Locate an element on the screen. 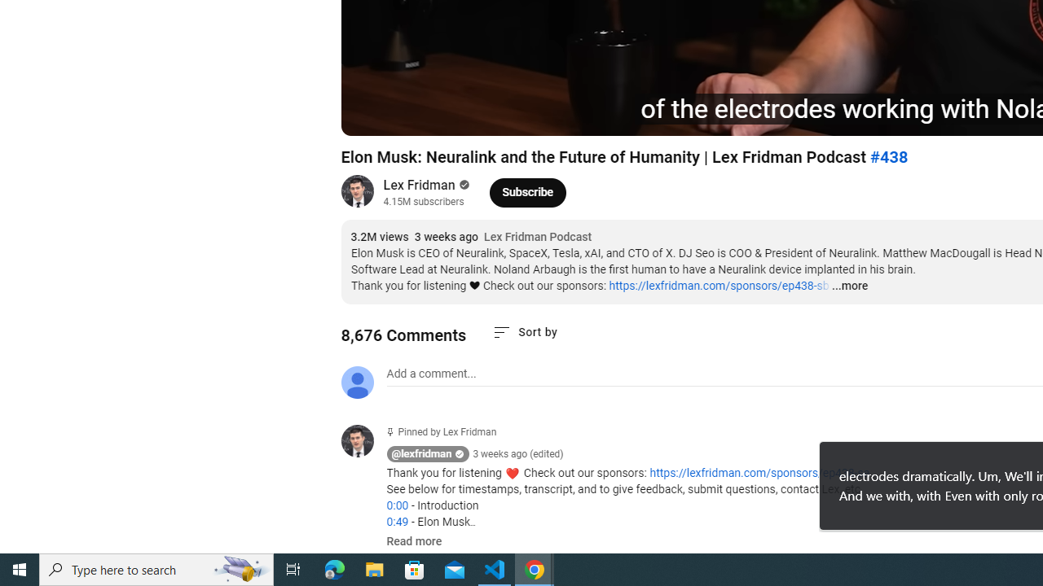 This screenshot has width=1043, height=586. 'Default profile photo' is located at coordinates (357, 383).